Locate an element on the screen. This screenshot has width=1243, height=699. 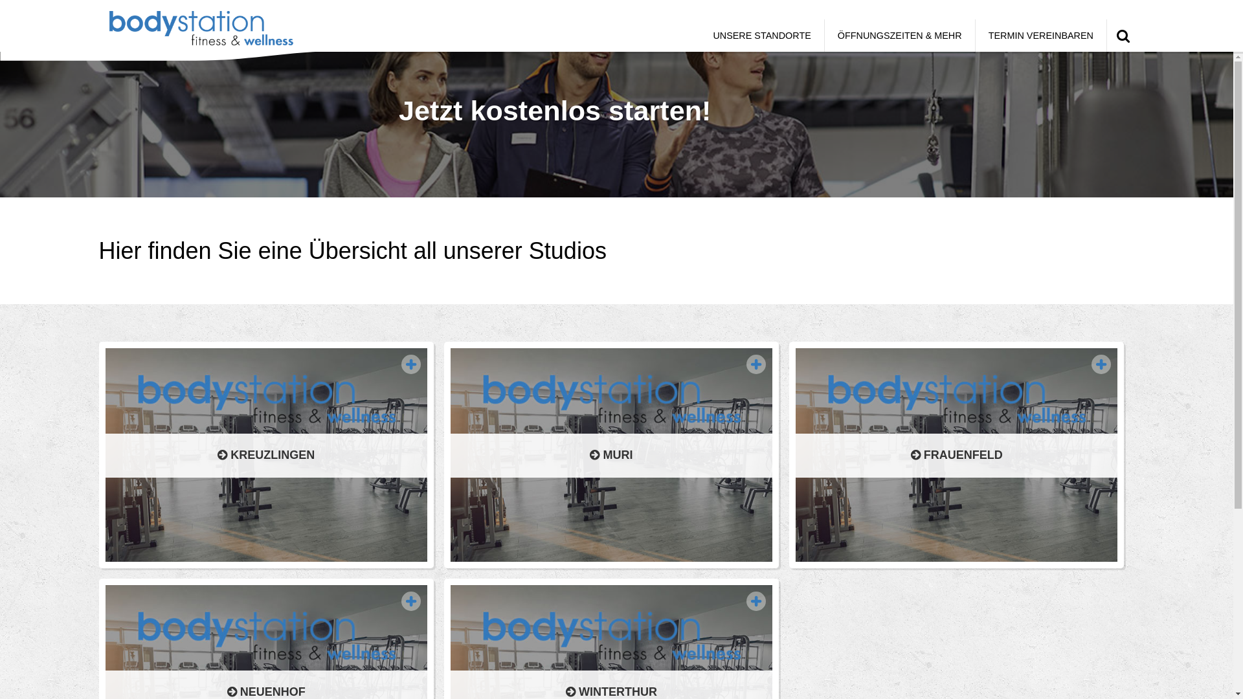
'TERMIN VEREINBAREN' is located at coordinates (1041, 34).